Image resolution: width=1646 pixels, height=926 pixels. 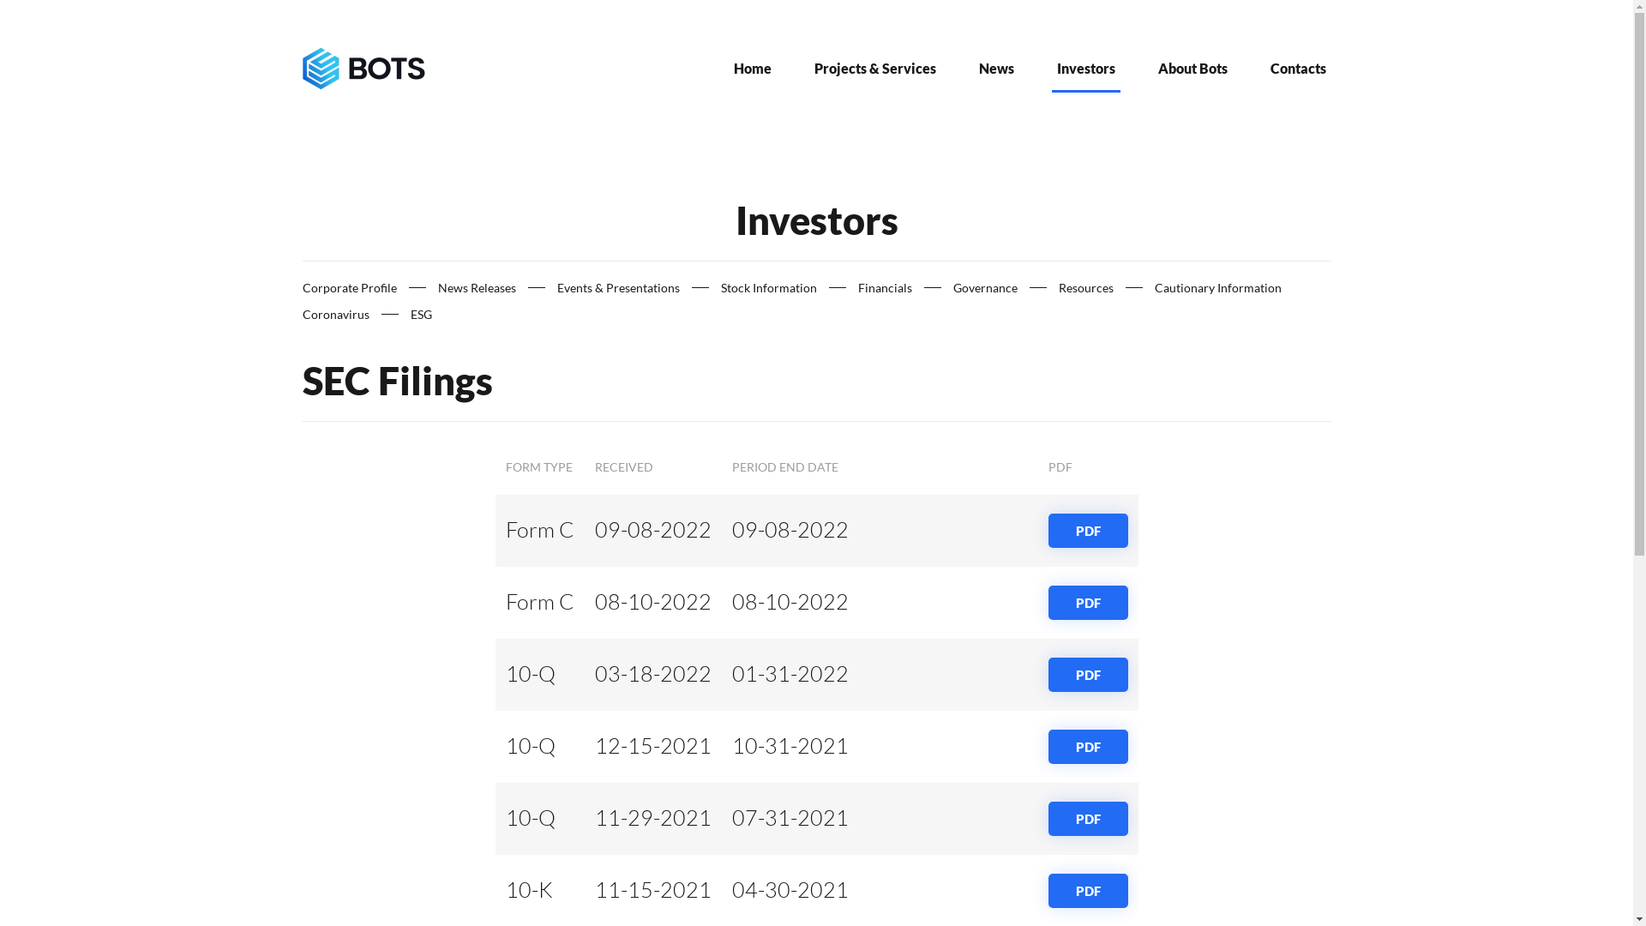 What do you see at coordinates (1298, 68) in the screenshot?
I see `'Contacts'` at bounding box center [1298, 68].